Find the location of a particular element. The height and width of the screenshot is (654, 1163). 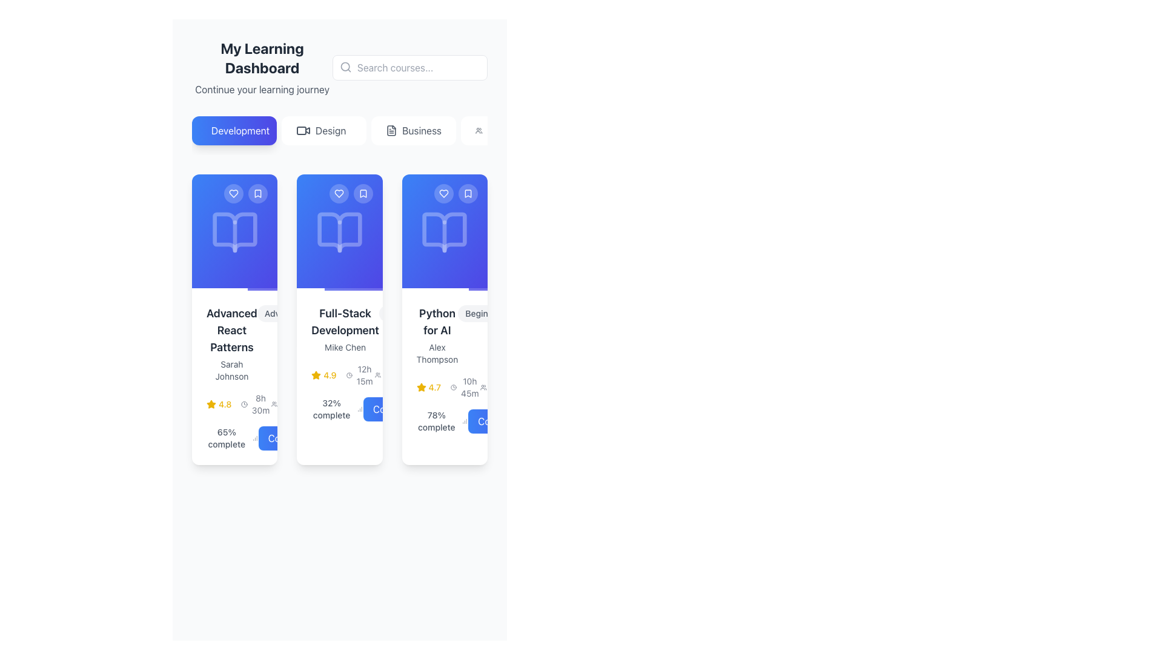

the clock icon that symbolizes the duration of the course, which is positioned to the left of the time duration text '8h 30m' is located at coordinates (244, 404).